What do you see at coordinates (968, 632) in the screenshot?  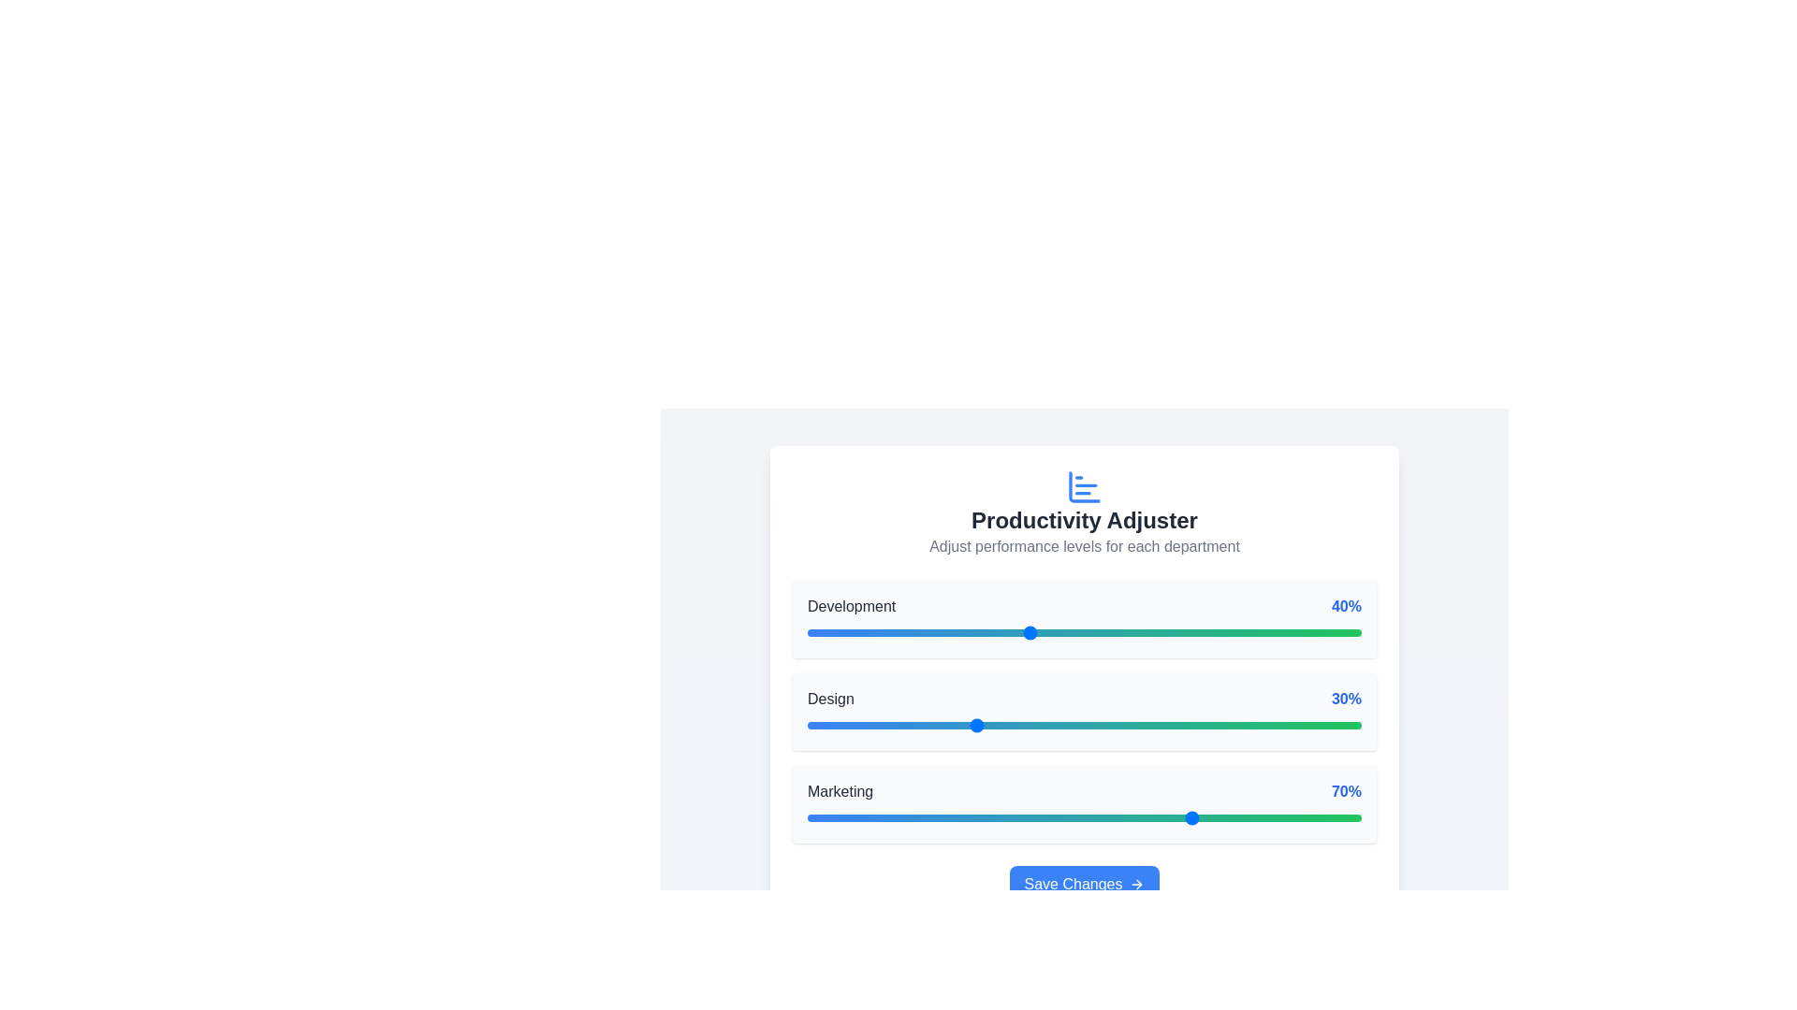 I see `the slider value` at bounding box center [968, 632].